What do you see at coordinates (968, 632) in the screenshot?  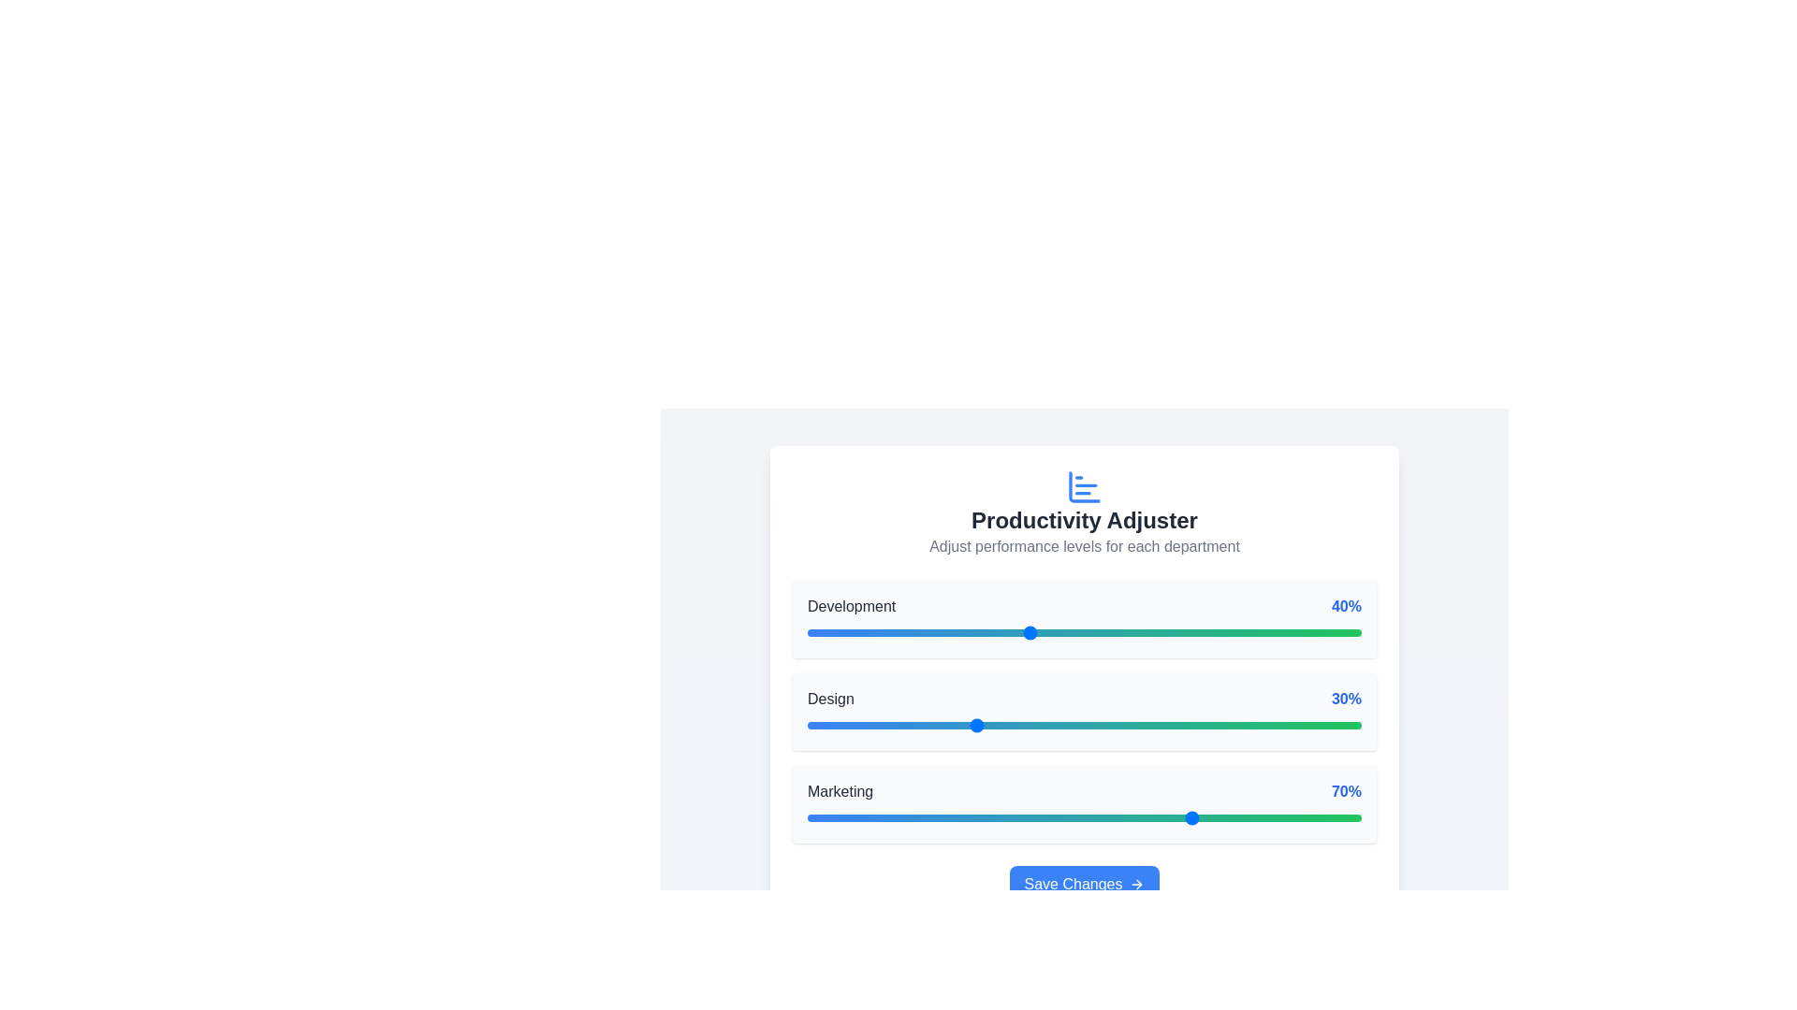 I see `the slider value` at bounding box center [968, 632].